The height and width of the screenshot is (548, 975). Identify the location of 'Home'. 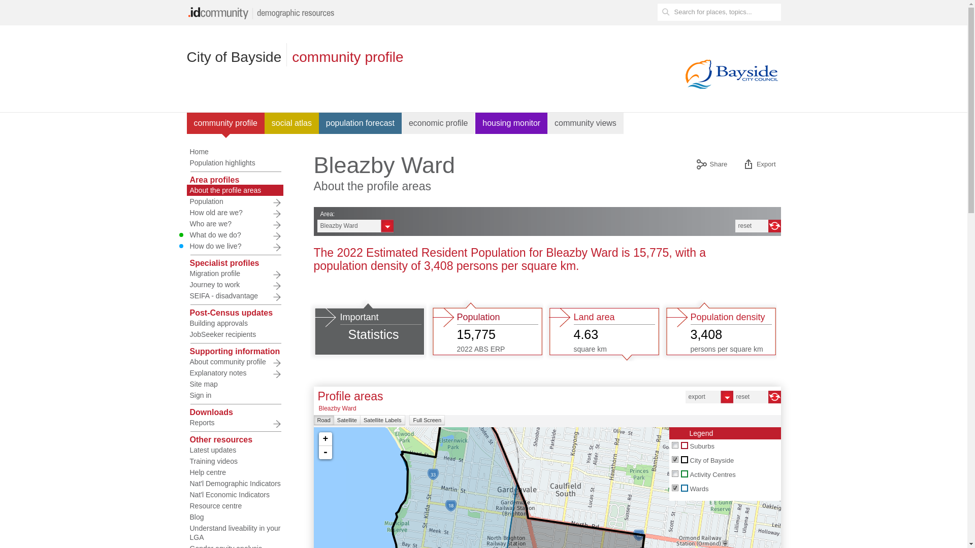
(234, 152).